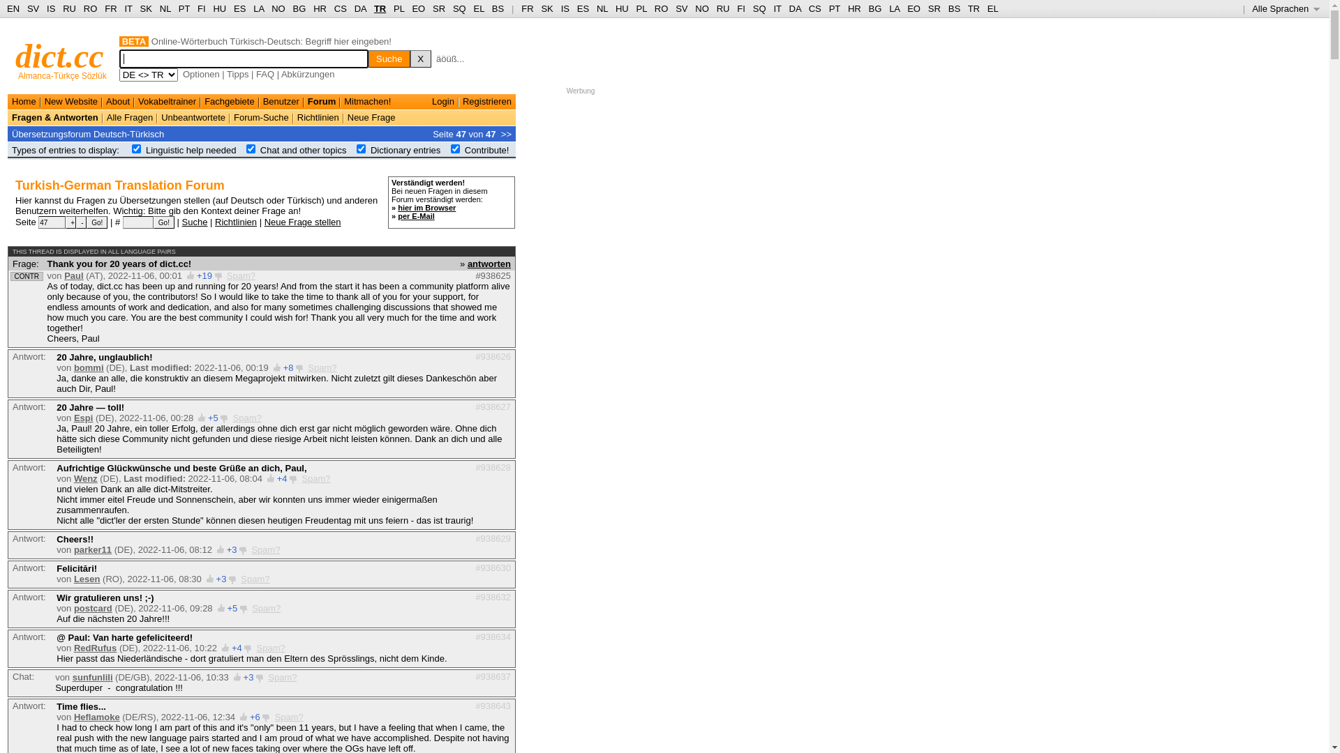 The width and height of the screenshot is (1340, 753). What do you see at coordinates (288, 367) in the screenshot?
I see `'+8'` at bounding box center [288, 367].